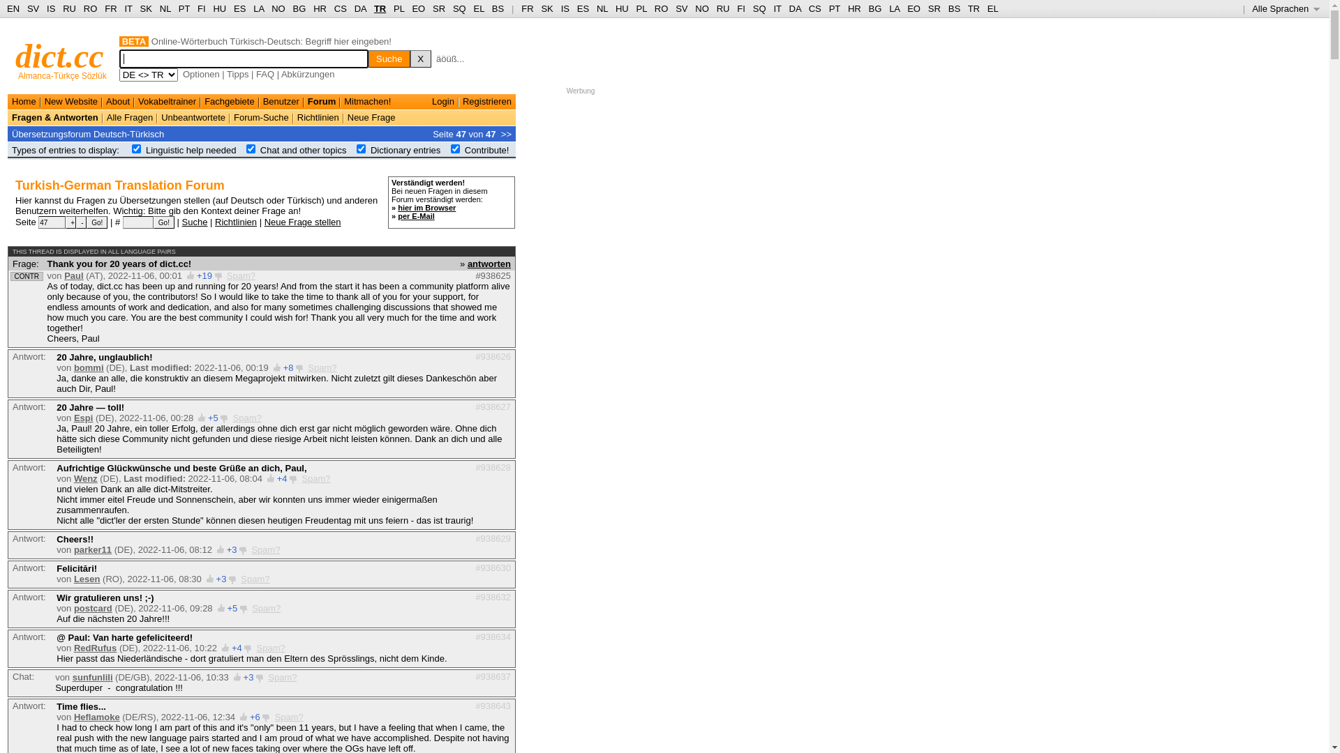 The width and height of the screenshot is (1340, 753). What do you see at coordinates (288, 367) in the screenshot?
I see `'+8'` at bounding box center [288, 367].